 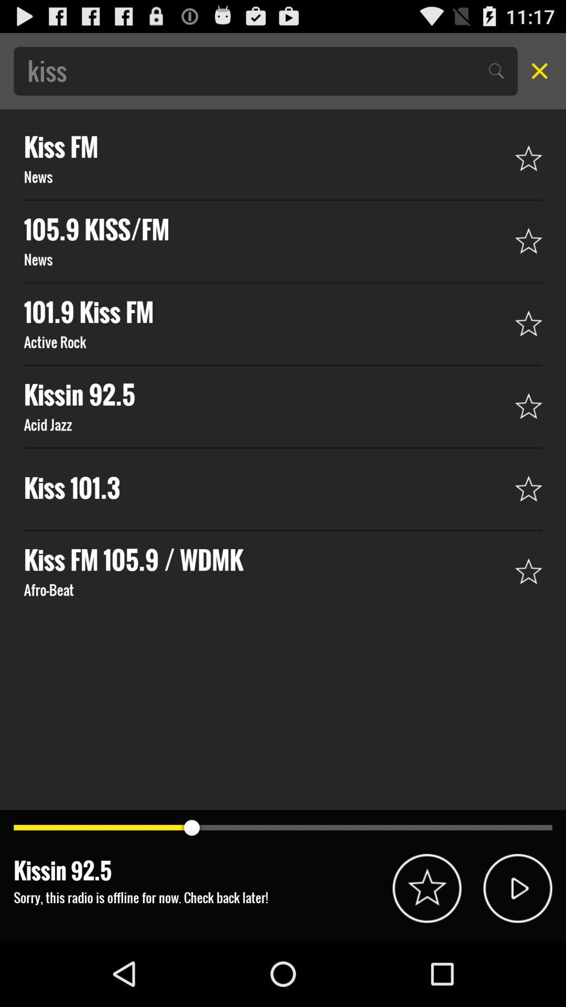 What do you see at coordinates (536, 70) in the screenshot?
I see `search` at bounding box center [536, 70].